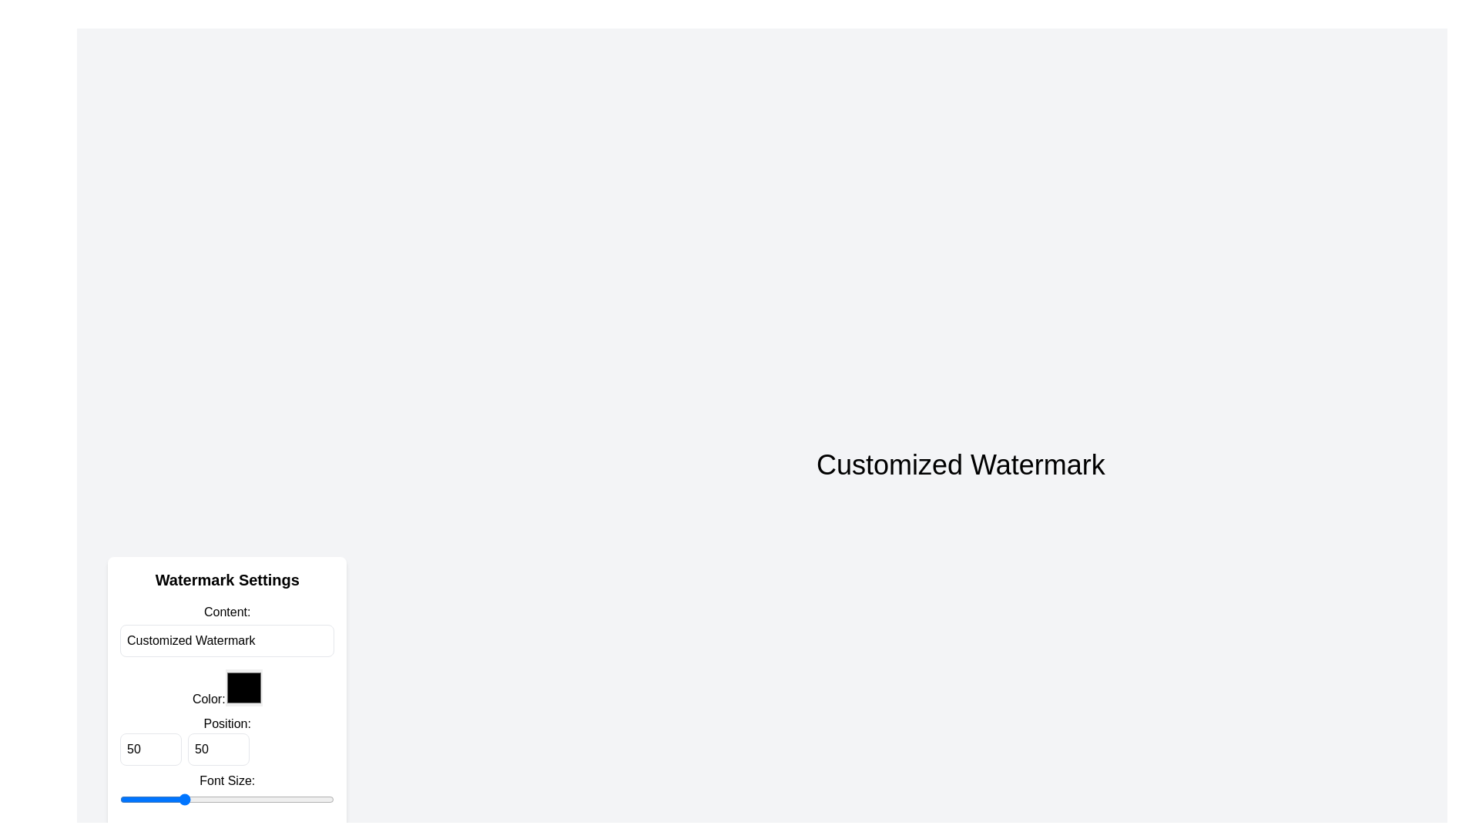  I want to click on the font size, so click(279, 798).